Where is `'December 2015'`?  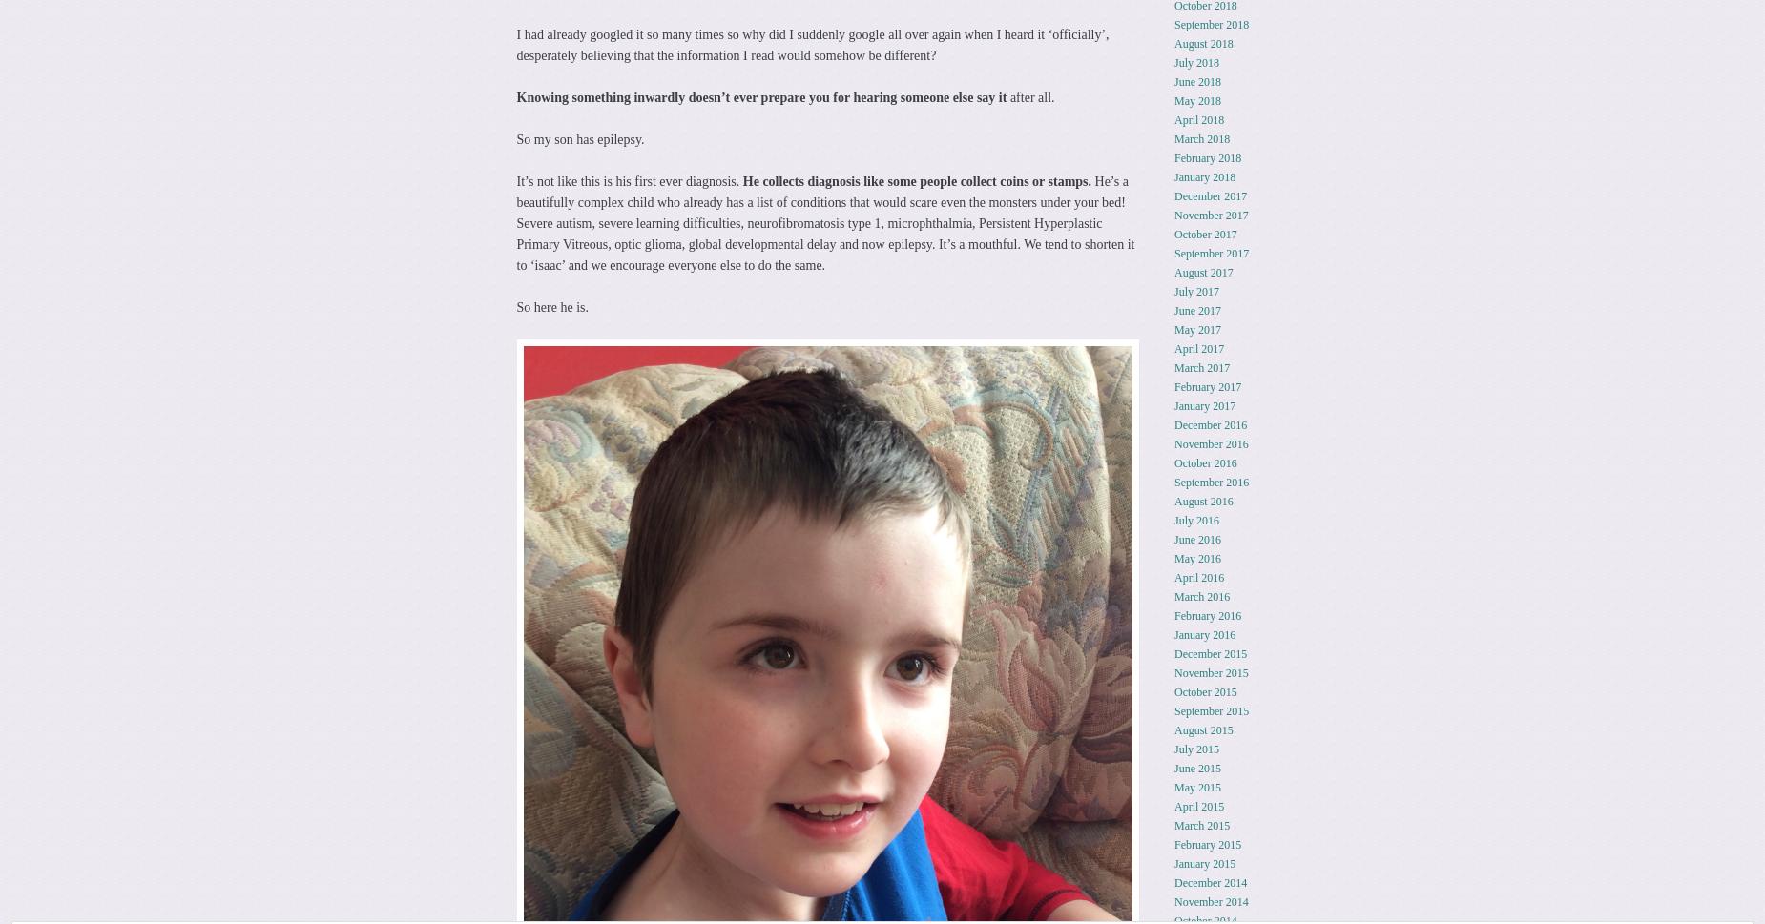 'December 2015' is located at coordinates (1209, 651).